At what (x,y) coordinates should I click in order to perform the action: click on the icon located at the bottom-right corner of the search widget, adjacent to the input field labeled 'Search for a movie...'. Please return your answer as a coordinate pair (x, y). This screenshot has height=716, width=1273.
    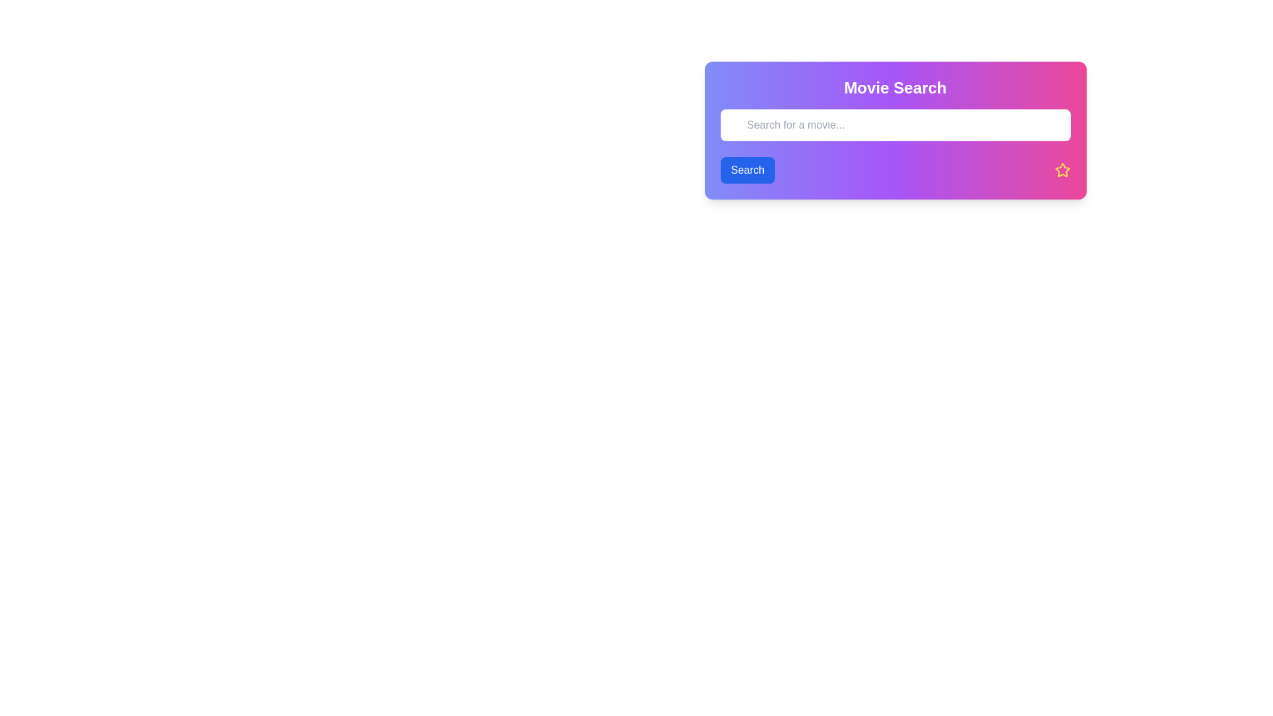
    Looking at the image, I should click on (1062, 169).